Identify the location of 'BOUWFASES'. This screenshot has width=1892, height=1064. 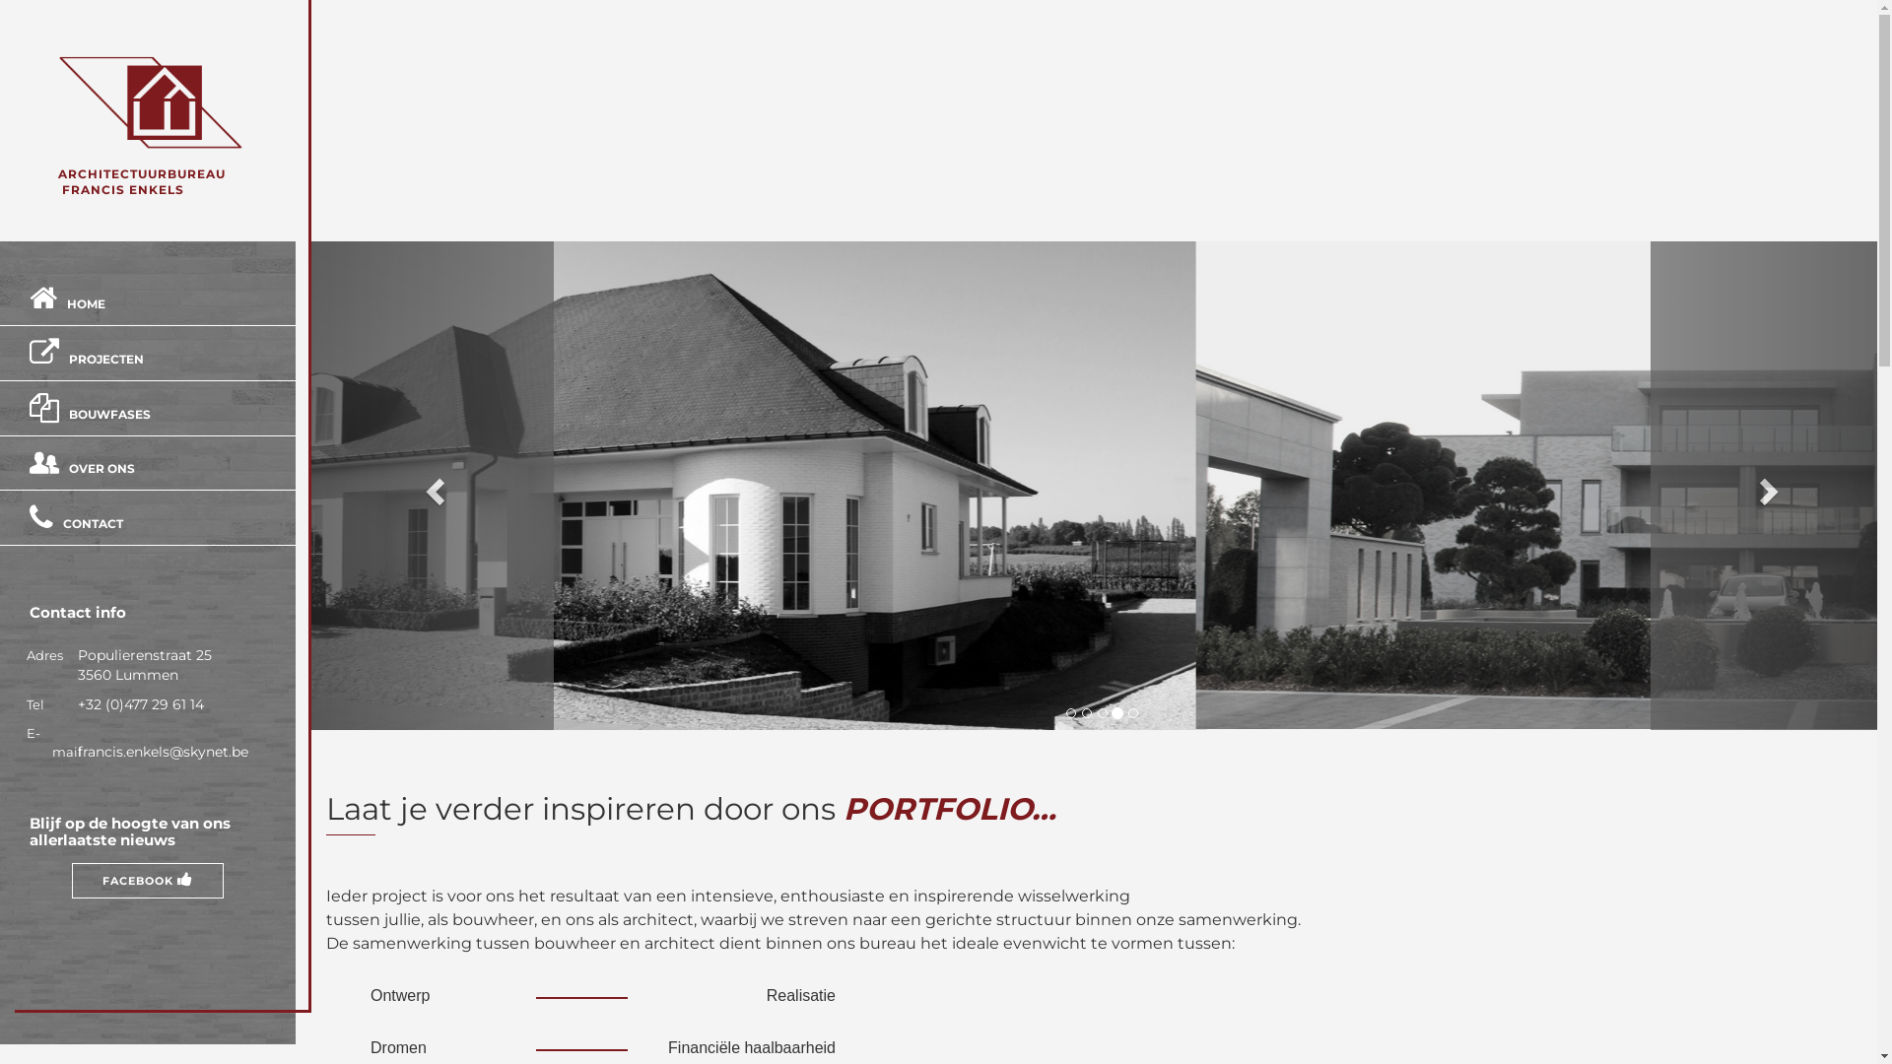
(108, 413).